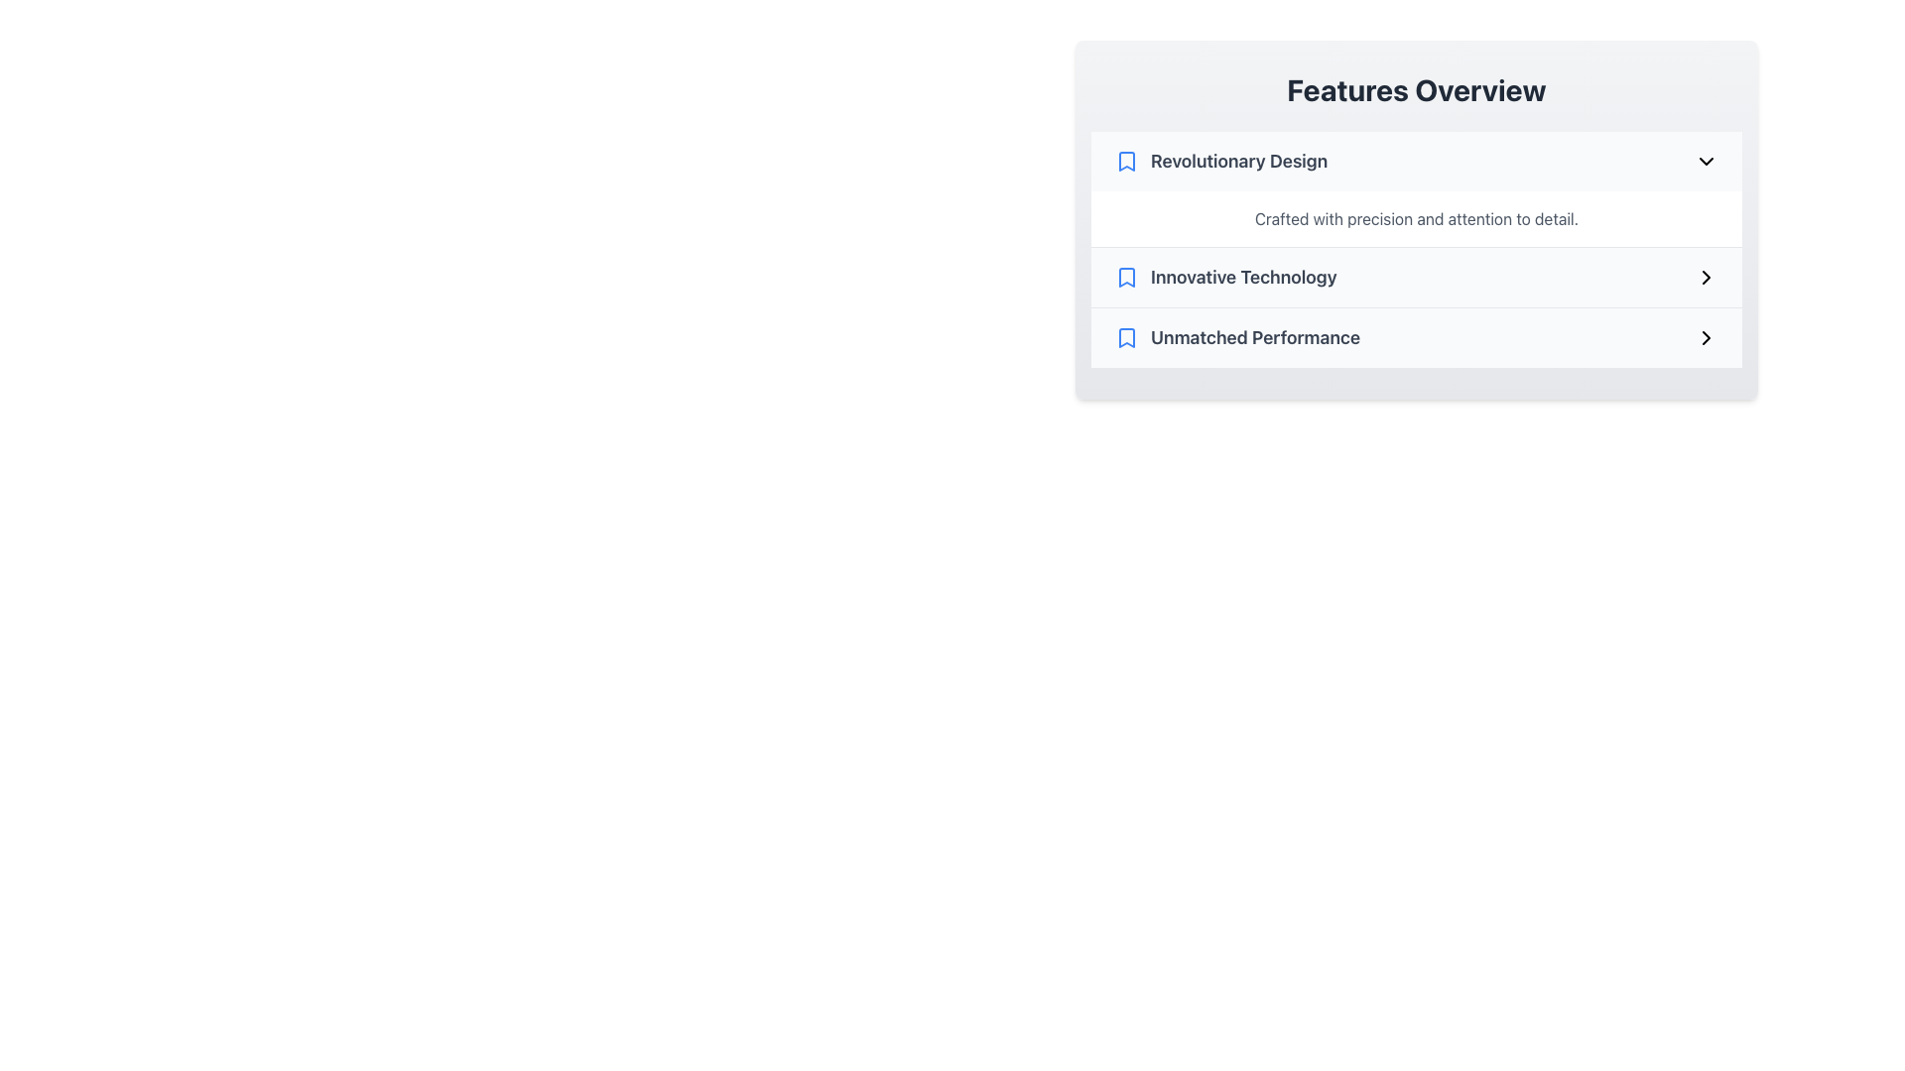  I want to click on the label containing the title for the first option in the 'Features Overview' section to copy its text, so click(1219, 160).